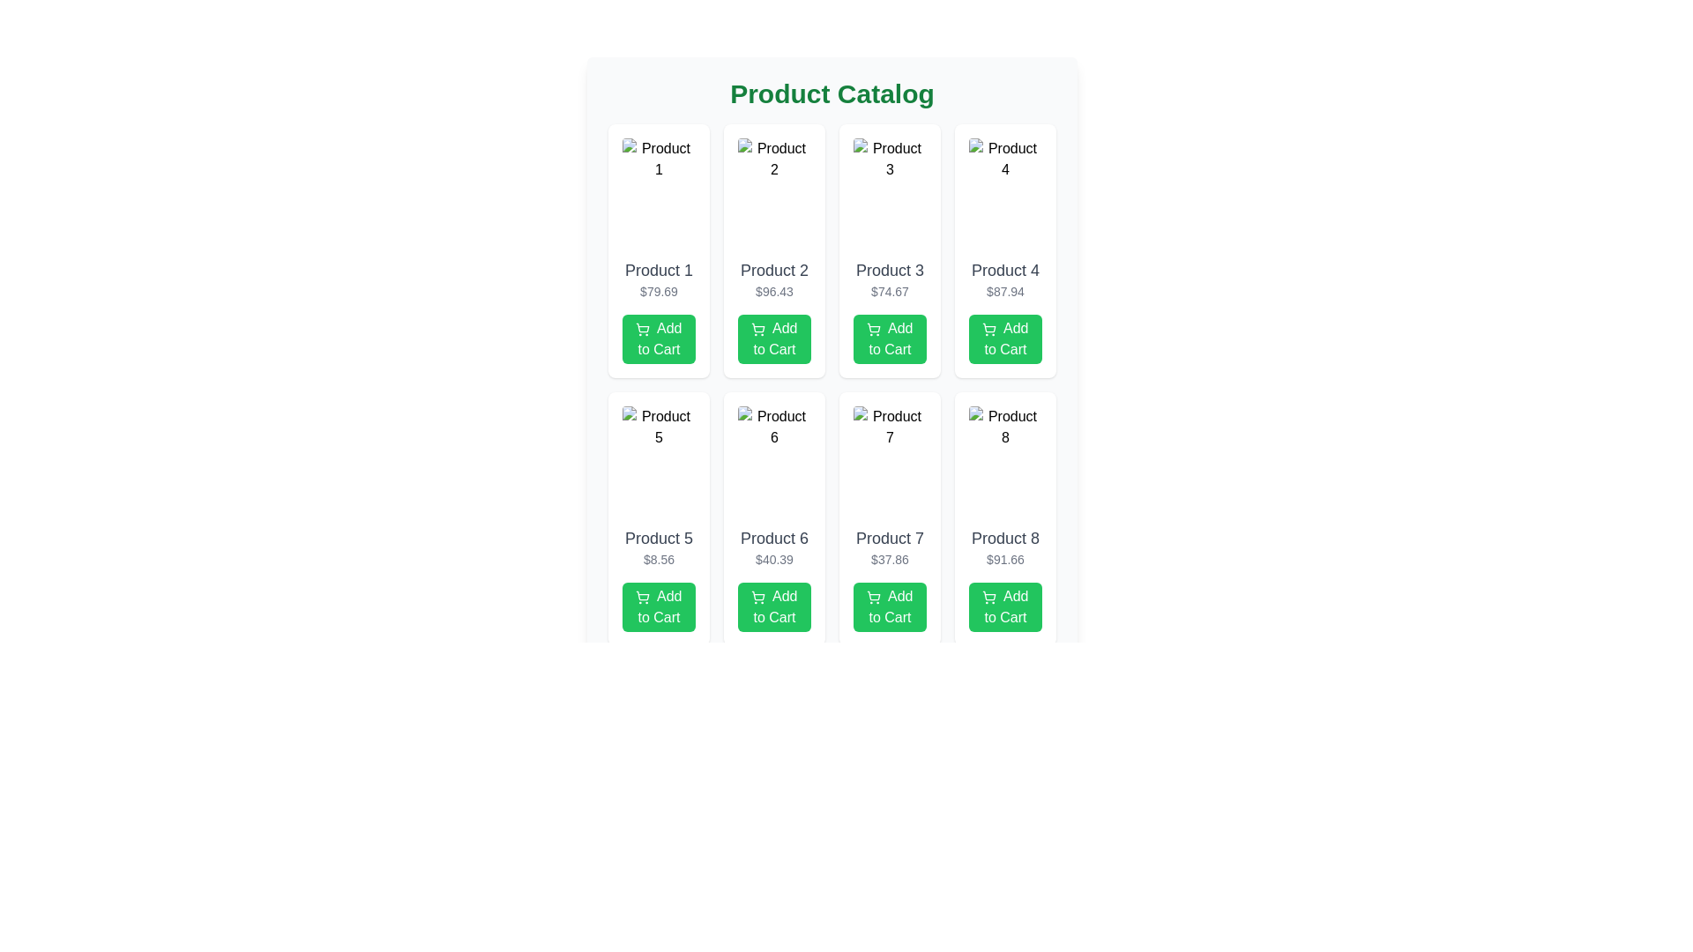 Image resolution: width=1693 pixels, height=952 pixels. Describe the element at coordinates (774, 194) in the screenshot. I see `the image representing 'Product 2' in the product catalog` at that location.